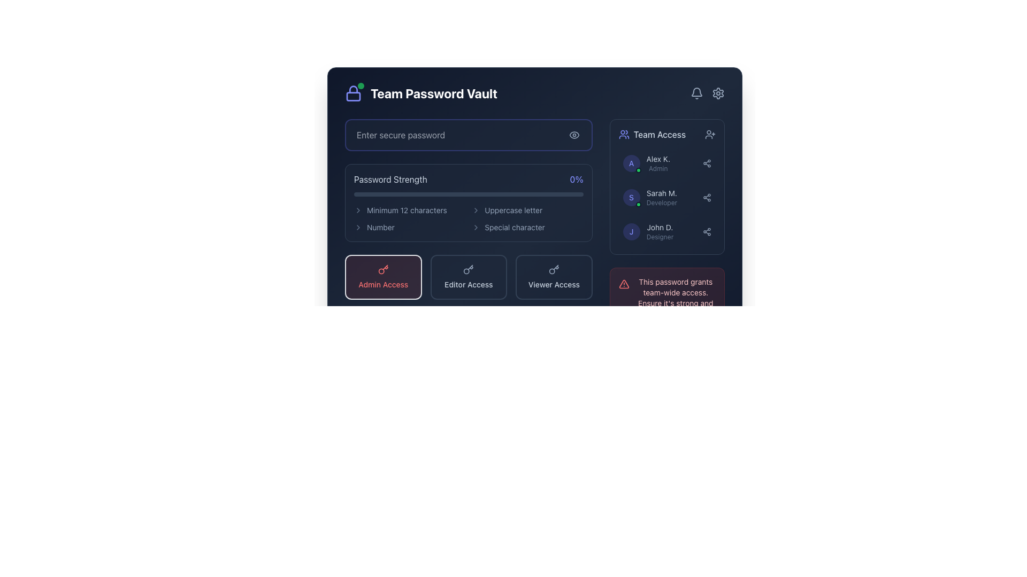 This screenshot has width=1027, height=577. What do you see at coordinates (476, 227) in the screenshot?
I see `the decorative icon that visually indicates hierarchy within the 'Password Strength' section, located to the right of the 'Special character' label` at bounding box center [476, 227].